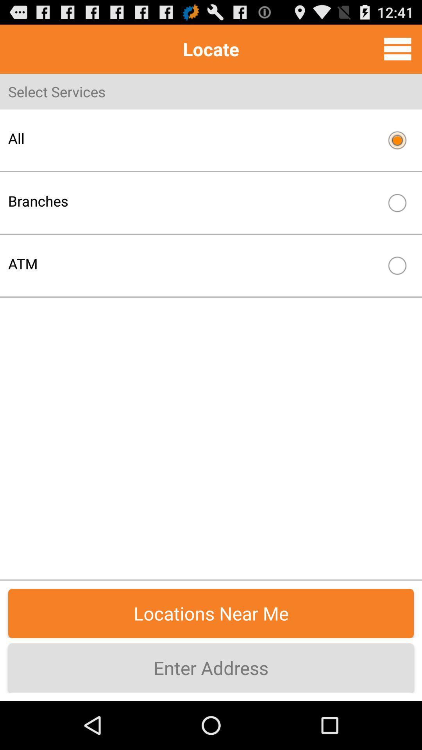 The height and width of the screenshot is (750, 422). I want to click on enter address item, so click(211, 667).